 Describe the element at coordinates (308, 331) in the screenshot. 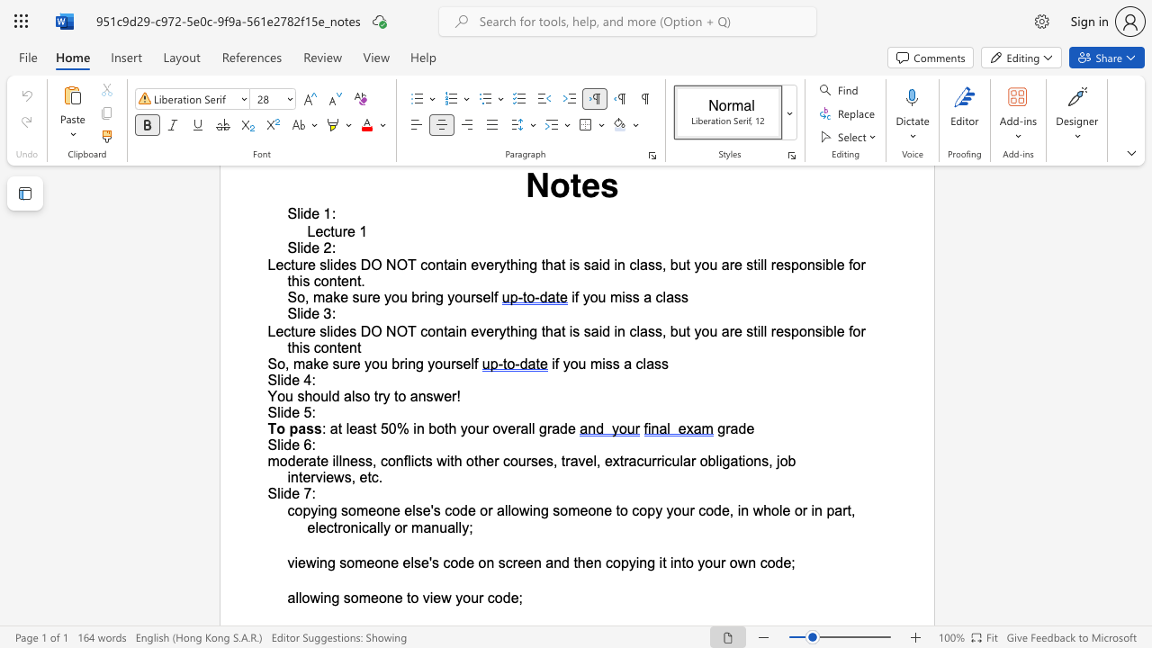

I see `the subset text "e sli" within the text "Lecture slides DO NOT"` at that location.